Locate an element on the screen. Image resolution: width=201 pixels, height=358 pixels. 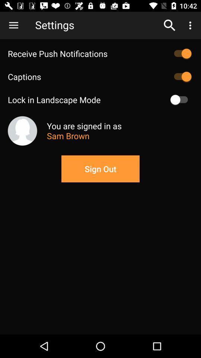
push notifications is located at coordinates (181, 53).